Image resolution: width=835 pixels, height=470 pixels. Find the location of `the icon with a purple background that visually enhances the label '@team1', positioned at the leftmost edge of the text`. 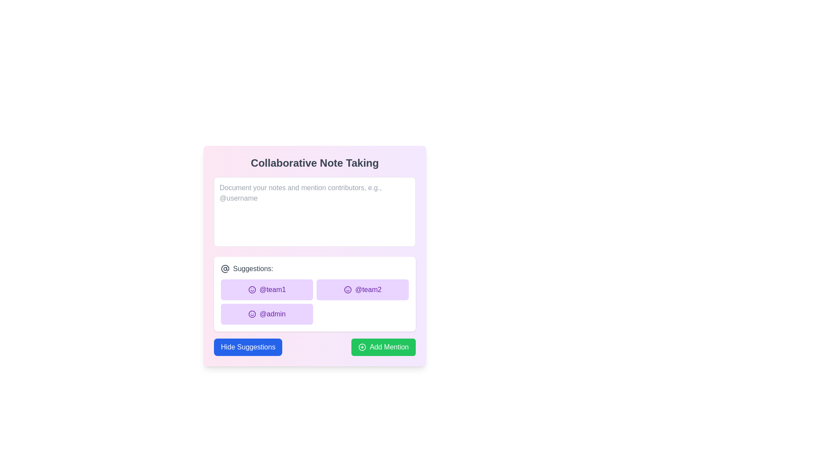

the icon with a purple background that visually enhances the label '@team1', positioned at the leftmost edge of the text is located at coordinates (251, 290).